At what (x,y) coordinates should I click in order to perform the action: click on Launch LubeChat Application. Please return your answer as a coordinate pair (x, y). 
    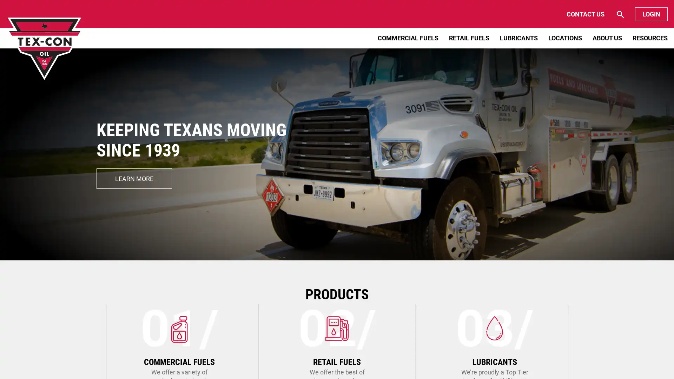
    Looking at the image, I should click on (601, 360).